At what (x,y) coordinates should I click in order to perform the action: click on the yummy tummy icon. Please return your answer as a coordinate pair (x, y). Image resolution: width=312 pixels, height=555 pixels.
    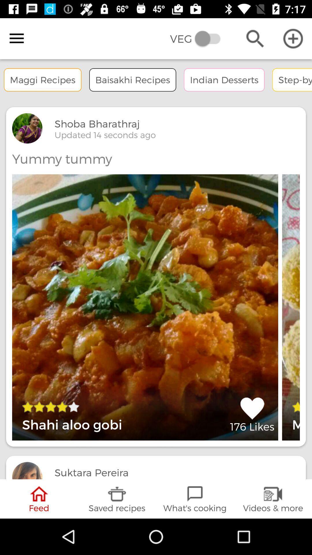
    Looking at the image, I should click on (62, 159).